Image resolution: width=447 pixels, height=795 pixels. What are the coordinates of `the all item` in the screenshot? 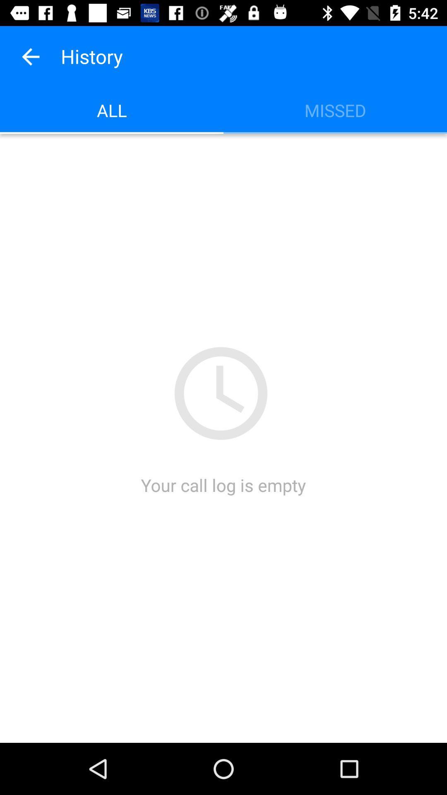 It's located at (112, 110).